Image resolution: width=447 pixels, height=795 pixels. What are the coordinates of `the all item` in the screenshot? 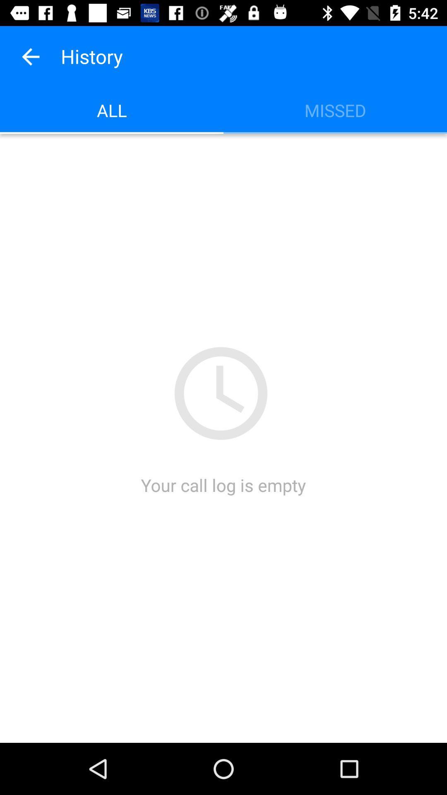 It's located at (112, 110).